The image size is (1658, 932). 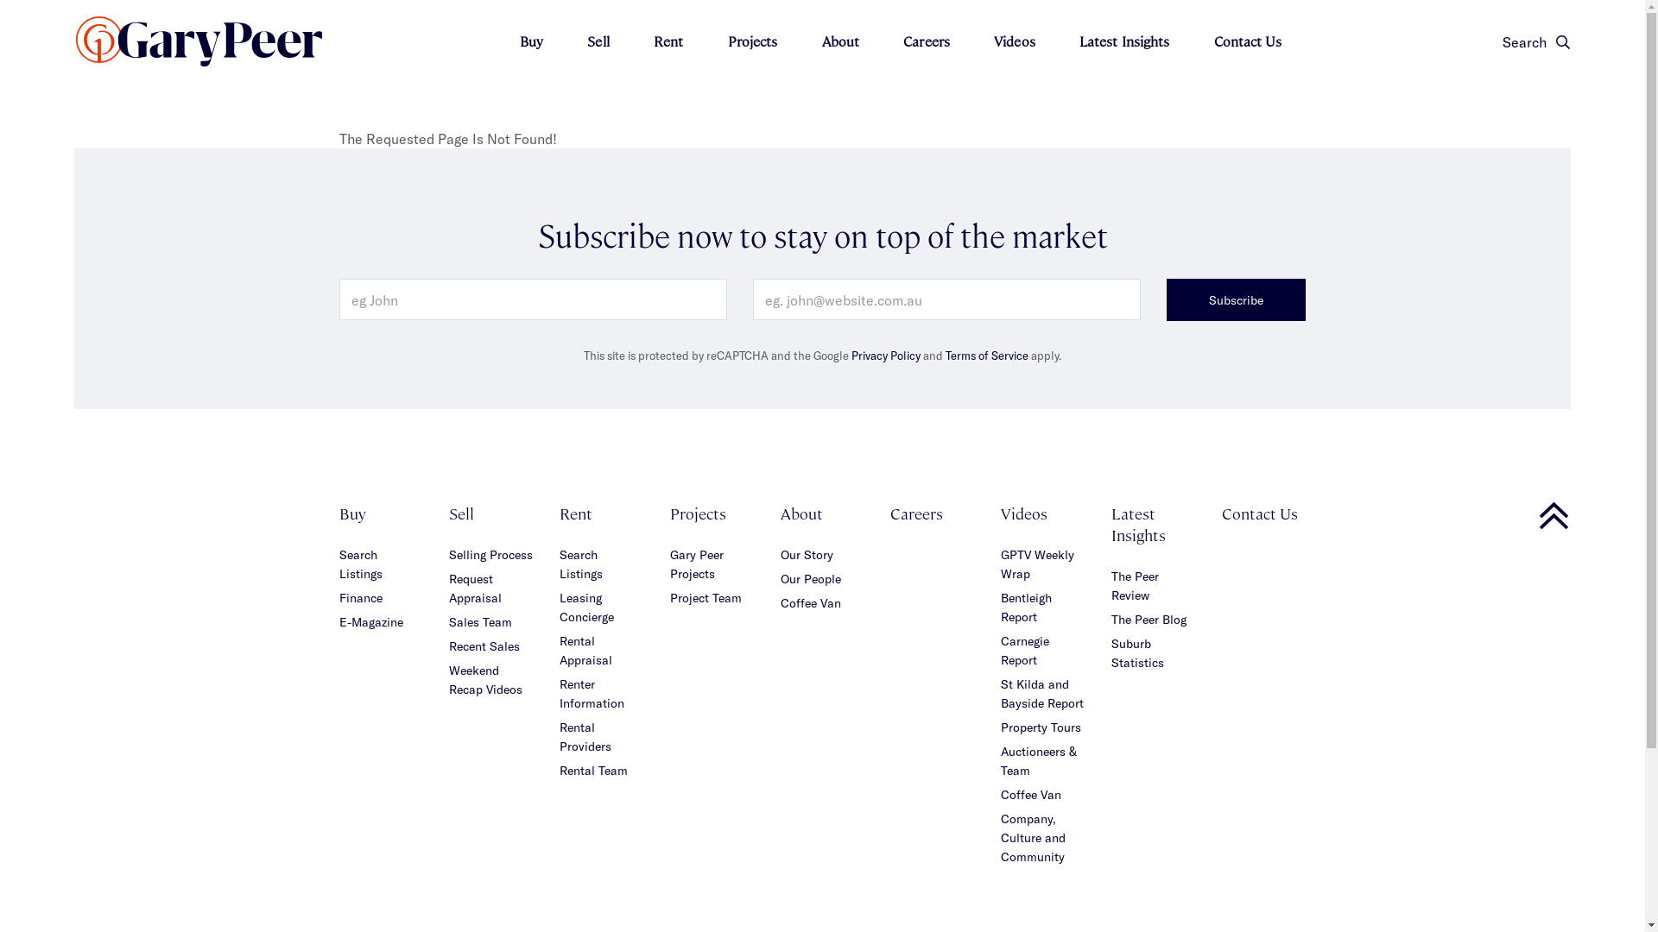 What do you see at coordinates (1026, 606) in the screenshot?
I see `'Bentleigh Report'` at bounding box center [1026, 606].